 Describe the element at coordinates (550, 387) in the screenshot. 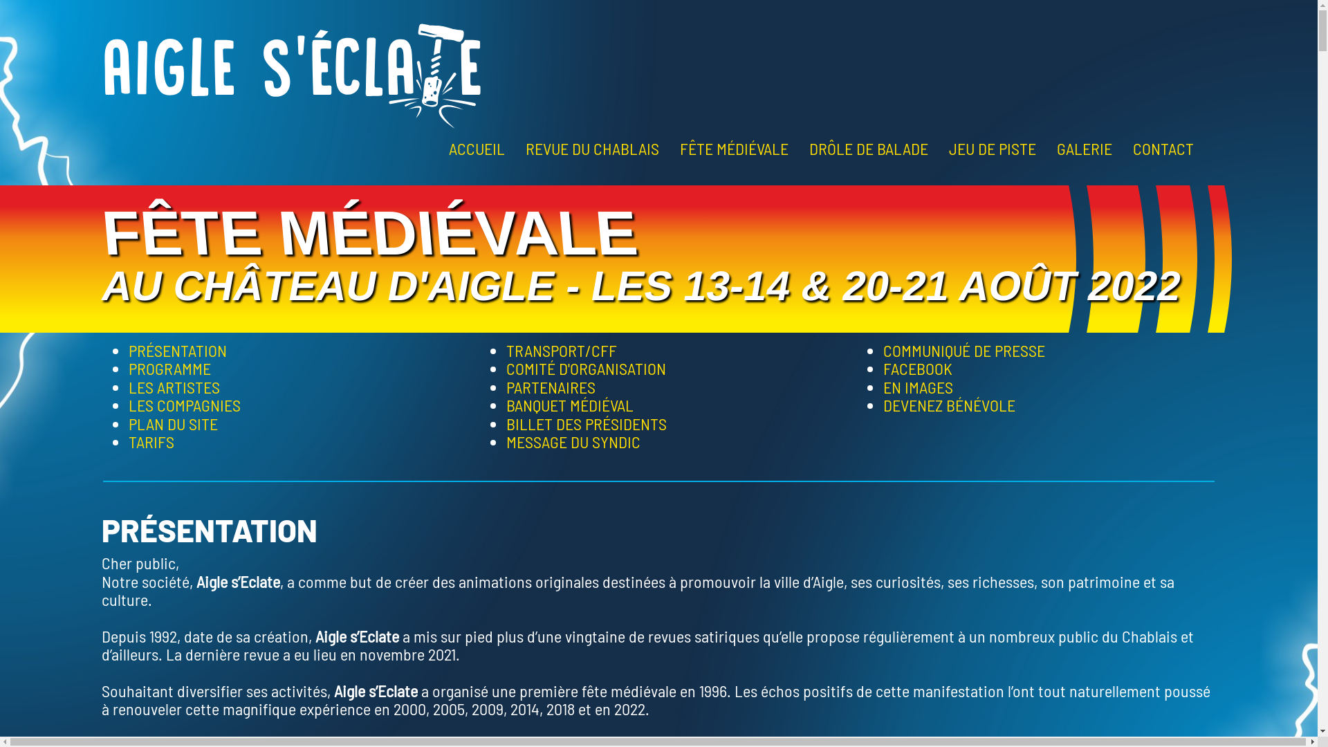

I see `'PARTENAIRES'` at that location.